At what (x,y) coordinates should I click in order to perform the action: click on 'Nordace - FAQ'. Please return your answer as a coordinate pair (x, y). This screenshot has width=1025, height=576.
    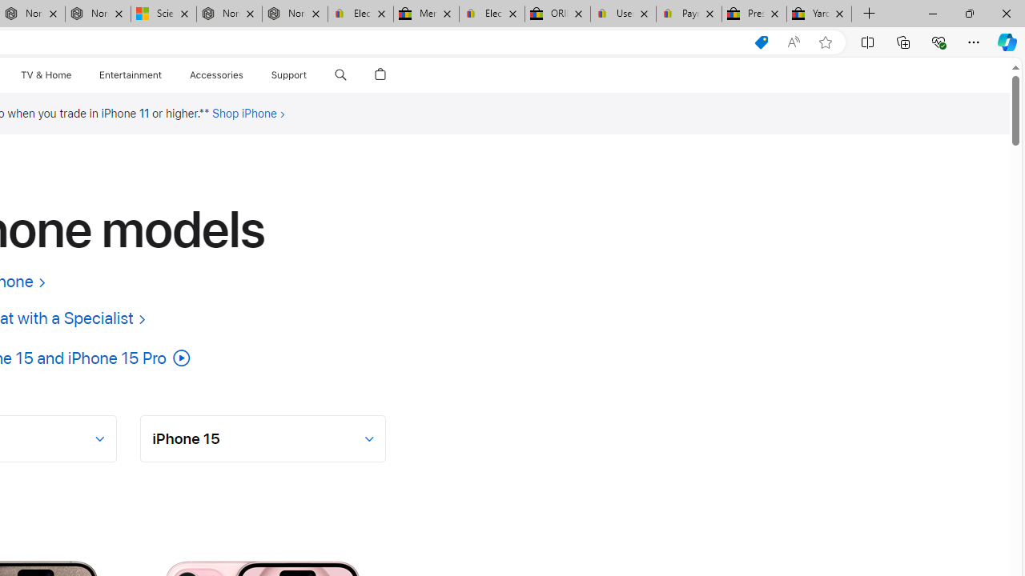
    Looking at the image, I should click on (295, 14).